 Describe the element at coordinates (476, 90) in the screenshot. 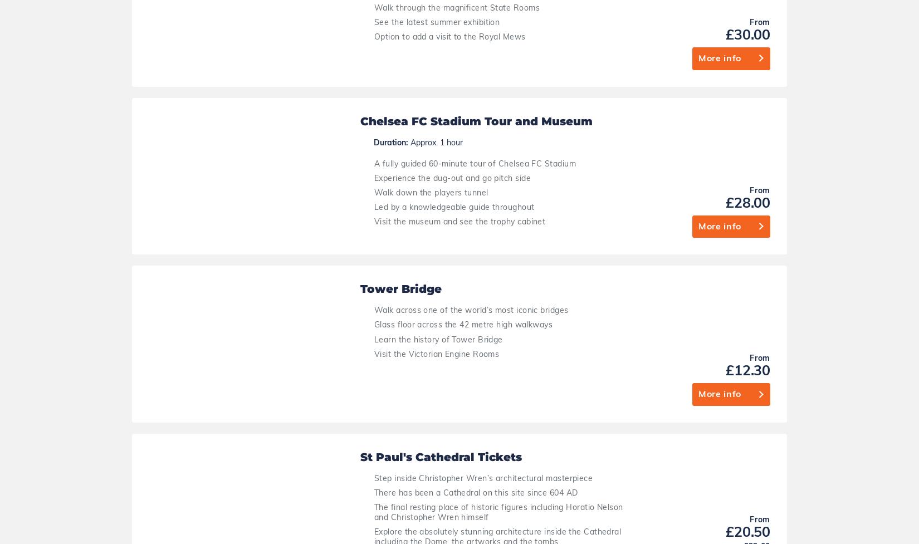

I see `'There has been a Cathedral on this site since 604 AD'` at that location.